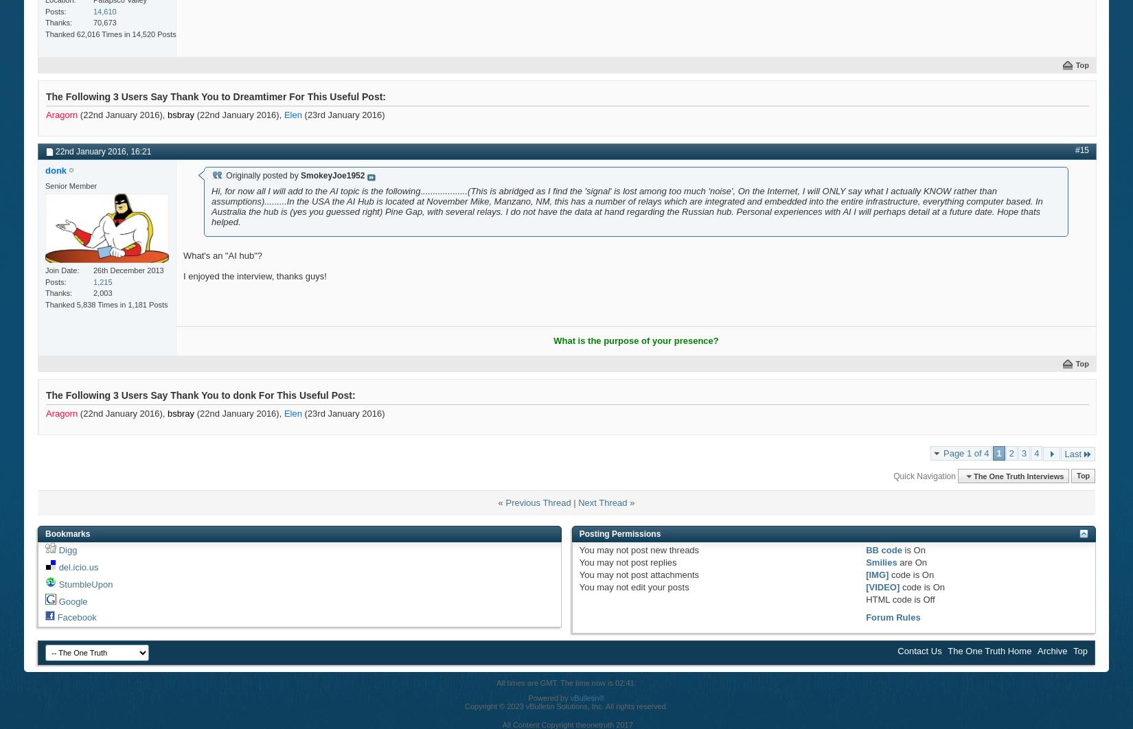 The height and width of the screenshot is (729, 1133). What do you see at coordinates (587, 697) in the screenshot?
I see `'vBulletin®'` at bounding box center [587, 697].